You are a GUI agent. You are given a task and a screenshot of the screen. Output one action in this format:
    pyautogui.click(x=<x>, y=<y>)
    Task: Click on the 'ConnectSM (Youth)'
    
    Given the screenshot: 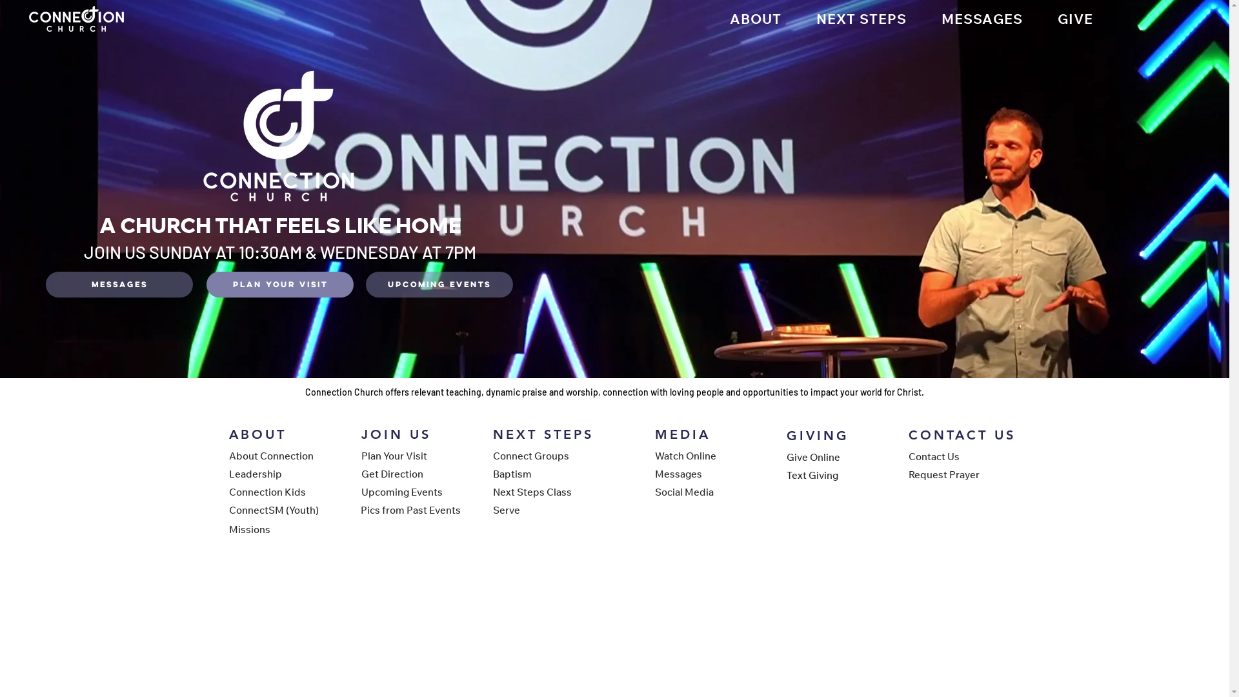 What is the action you would take?
    pyautogui.click(x=228, y=509)
    